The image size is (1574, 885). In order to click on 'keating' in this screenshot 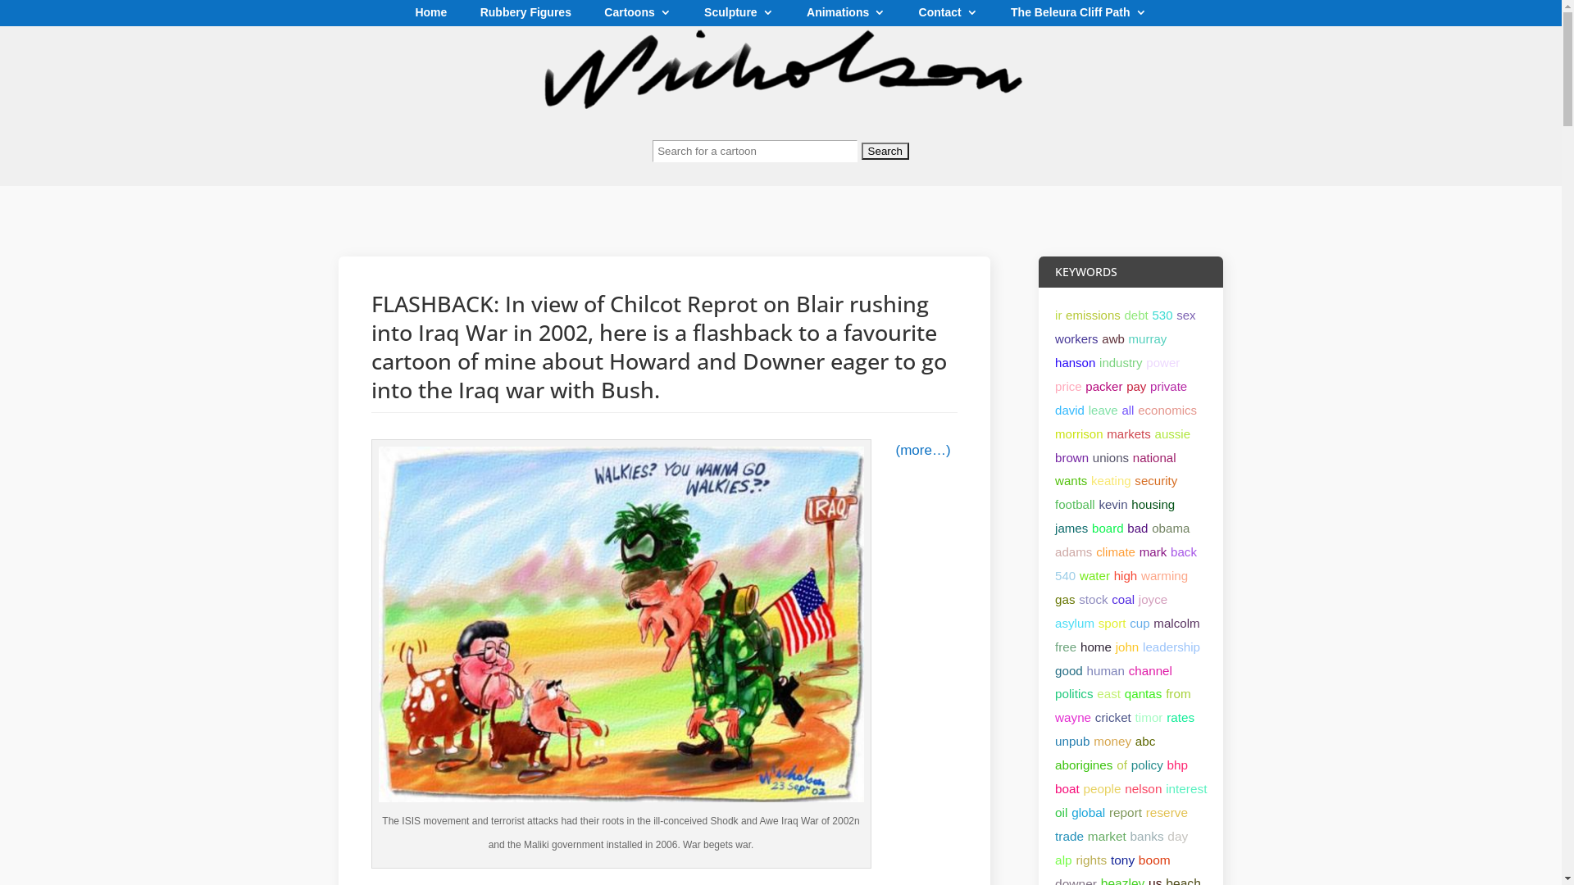, I will do `click(1111, 479)`.